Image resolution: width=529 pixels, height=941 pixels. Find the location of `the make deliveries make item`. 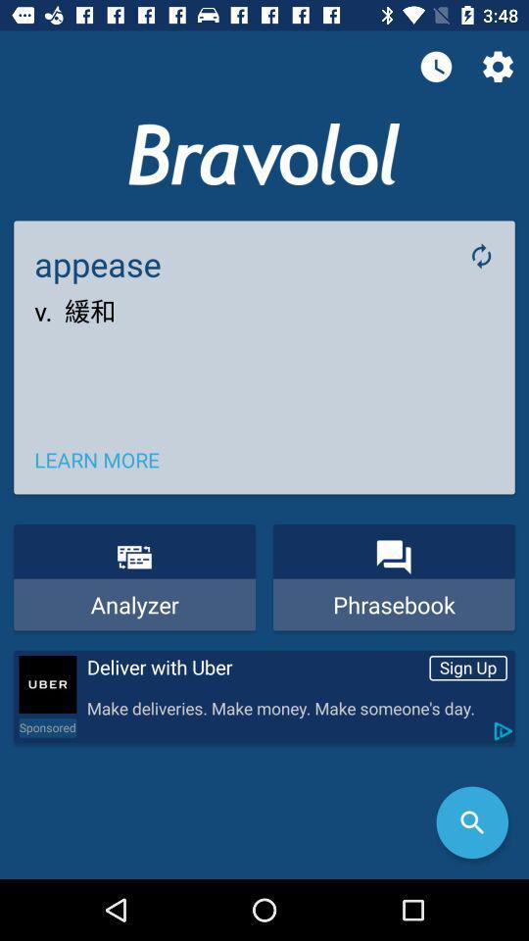

the make deliveries make item is located at coordinates (295, 708).